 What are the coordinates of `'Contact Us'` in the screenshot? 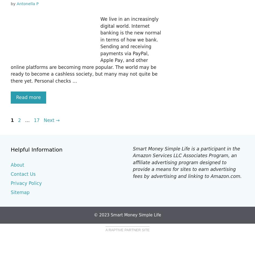 It's located at (23, 173).